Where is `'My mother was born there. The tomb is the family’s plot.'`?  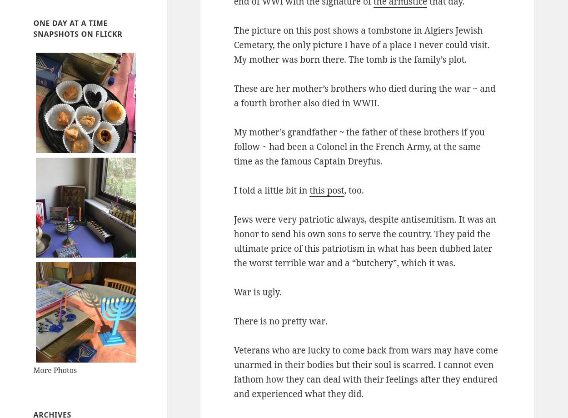 'My mother was born there. The tomb is the family’s plot.' is located at coordinates (350, 59).